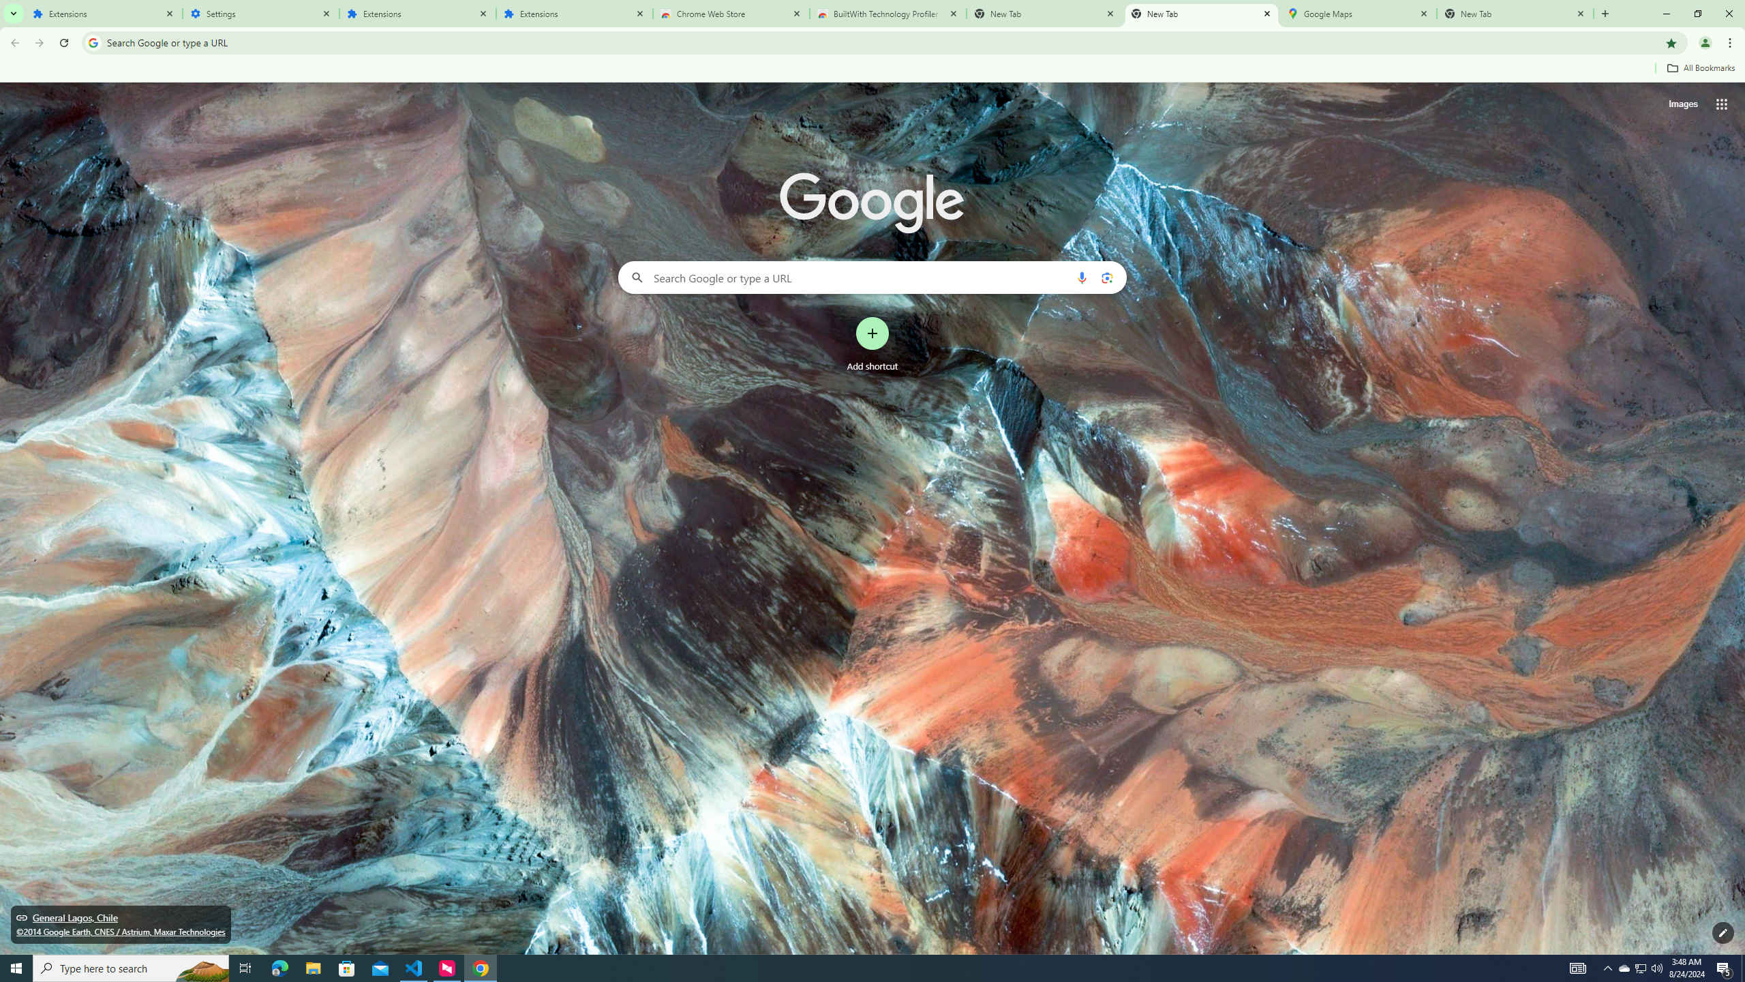 The height and width of the screenshot is (982, 1745). Describe the element at coordinates (872, 276) in the screenshot. I see `'Search Google or type a URL'` at that location.